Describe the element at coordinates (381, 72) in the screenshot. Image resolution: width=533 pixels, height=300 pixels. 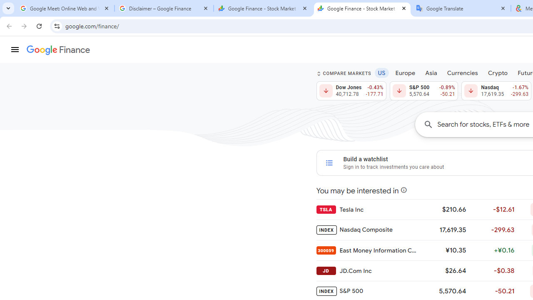
I see `'US'` at that location.